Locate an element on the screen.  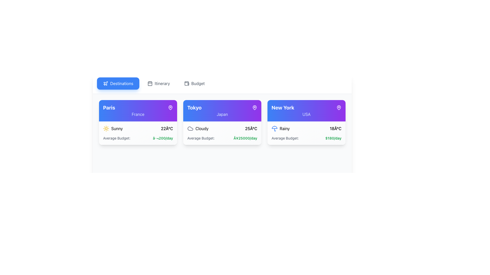
the interactive icon in the header navigation bar, located next to the text 'Budget' is located at coordinates (186, 83).